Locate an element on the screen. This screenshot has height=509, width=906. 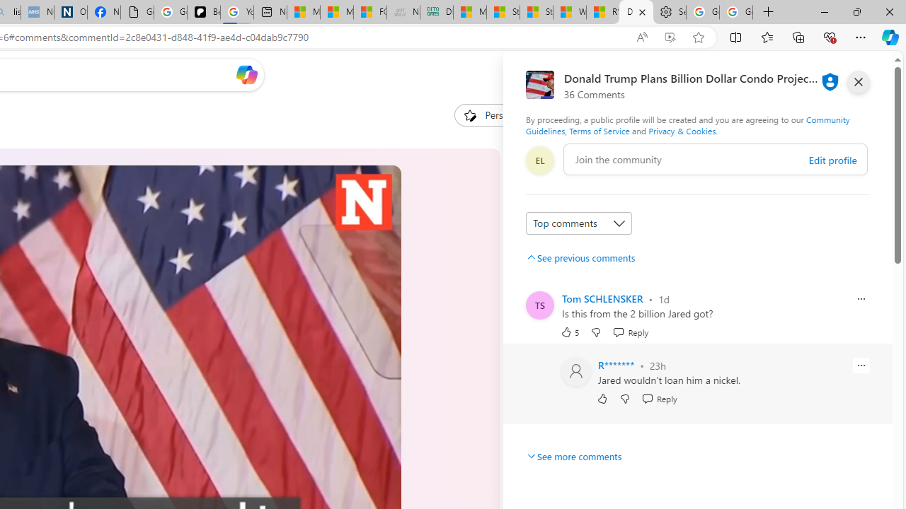
'comment-box' is located at coordinates (716, 159).